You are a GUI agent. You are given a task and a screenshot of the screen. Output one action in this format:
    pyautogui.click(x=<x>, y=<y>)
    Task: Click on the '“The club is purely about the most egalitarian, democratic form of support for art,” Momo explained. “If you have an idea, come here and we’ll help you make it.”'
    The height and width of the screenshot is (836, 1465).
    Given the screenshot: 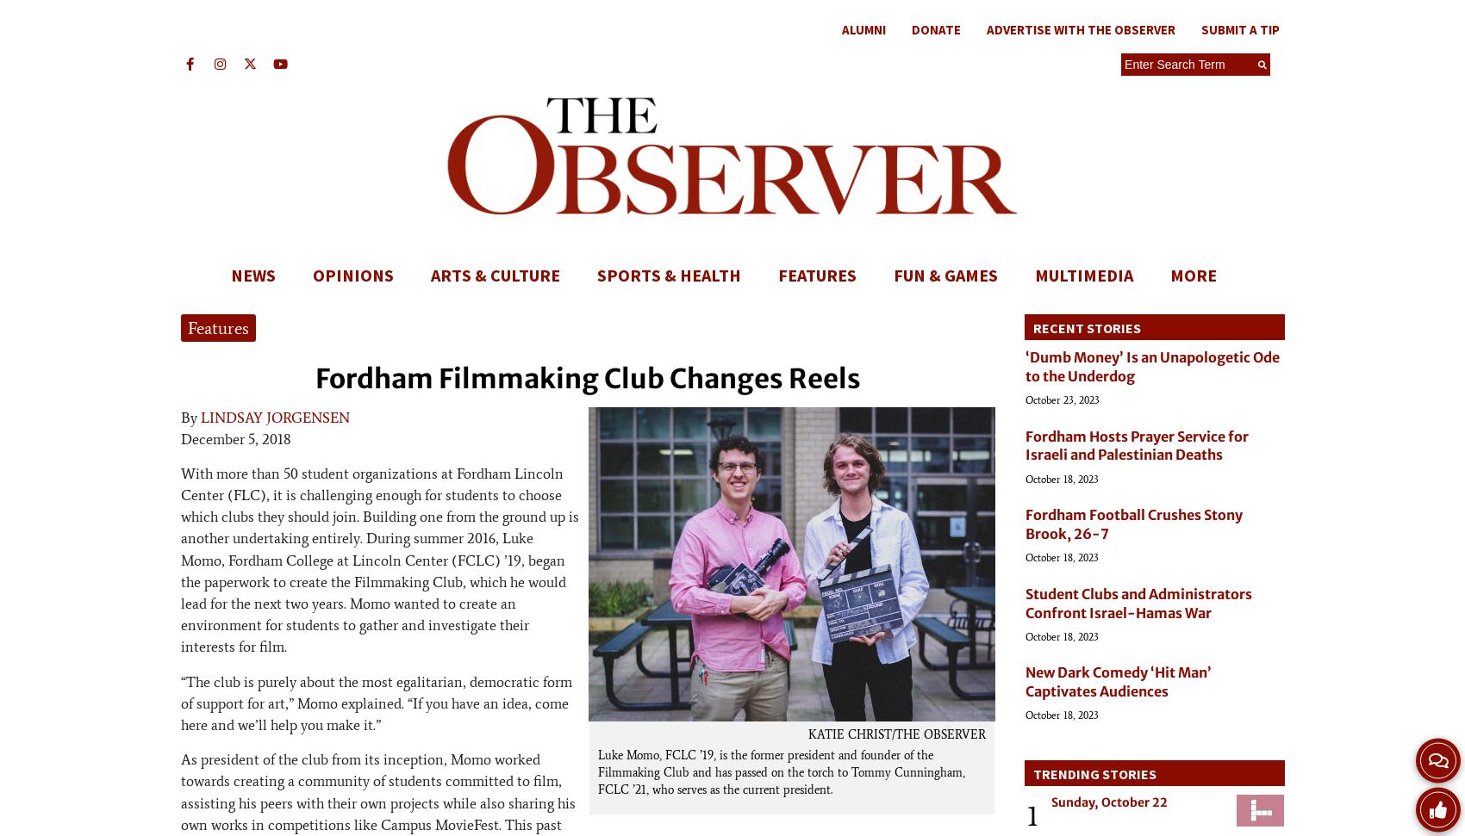 What is the action you would take?
    pyautogui.click(x=377, y=702)
    